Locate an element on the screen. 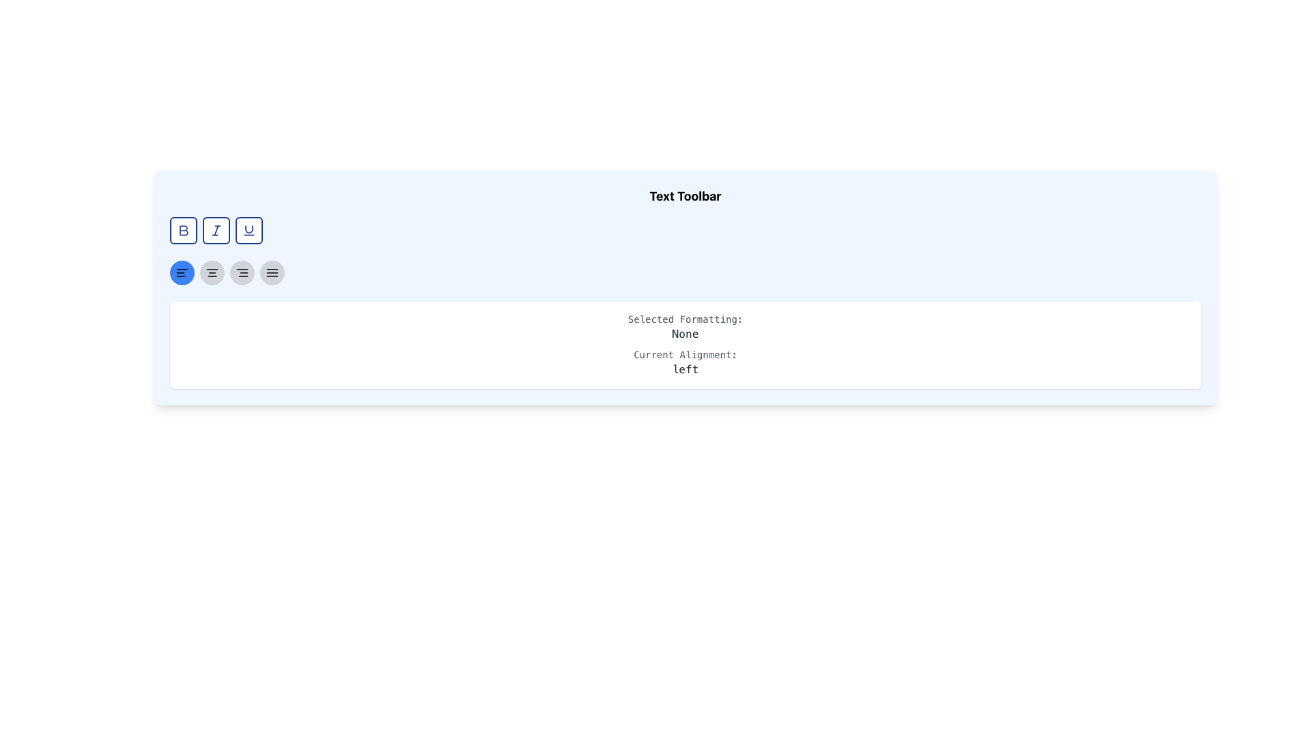  the center alignment icon, which is the second icon in the horizontal row of text alignment buttons, to set the alignment to center is located at coordinates (212, 273).